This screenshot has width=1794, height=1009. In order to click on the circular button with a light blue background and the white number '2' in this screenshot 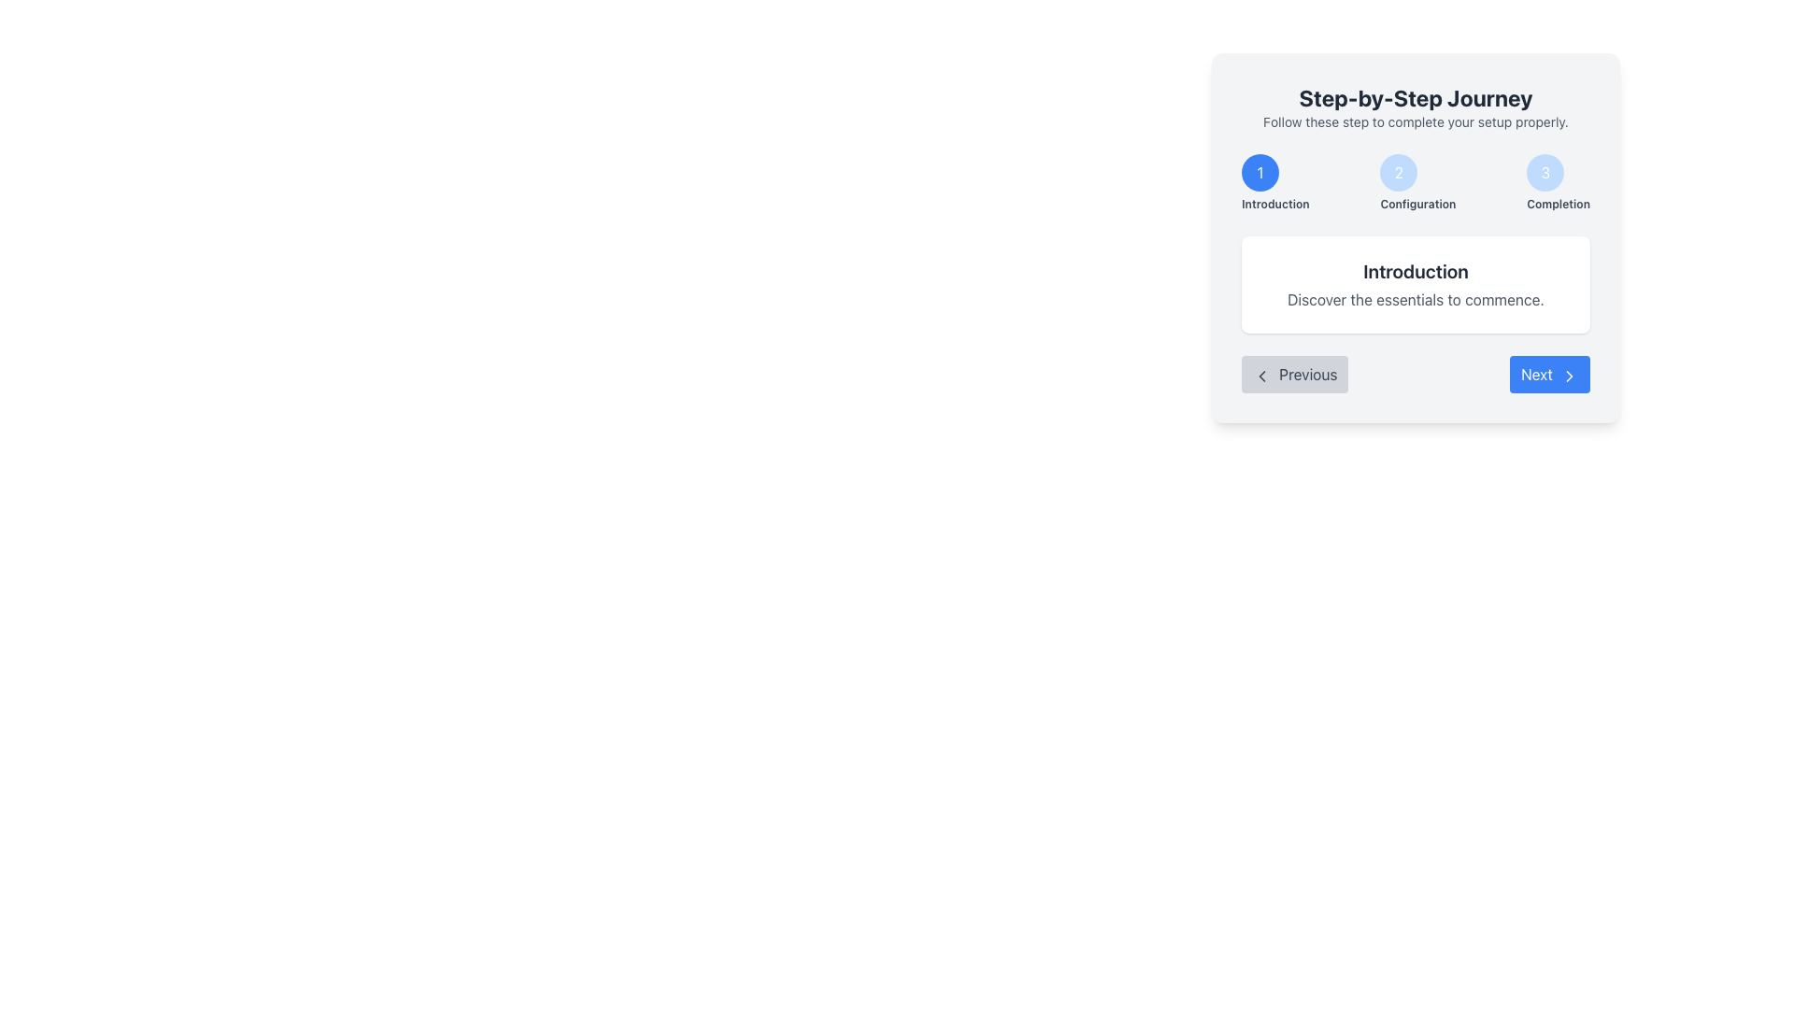, I will do `click(1399, 173)`.